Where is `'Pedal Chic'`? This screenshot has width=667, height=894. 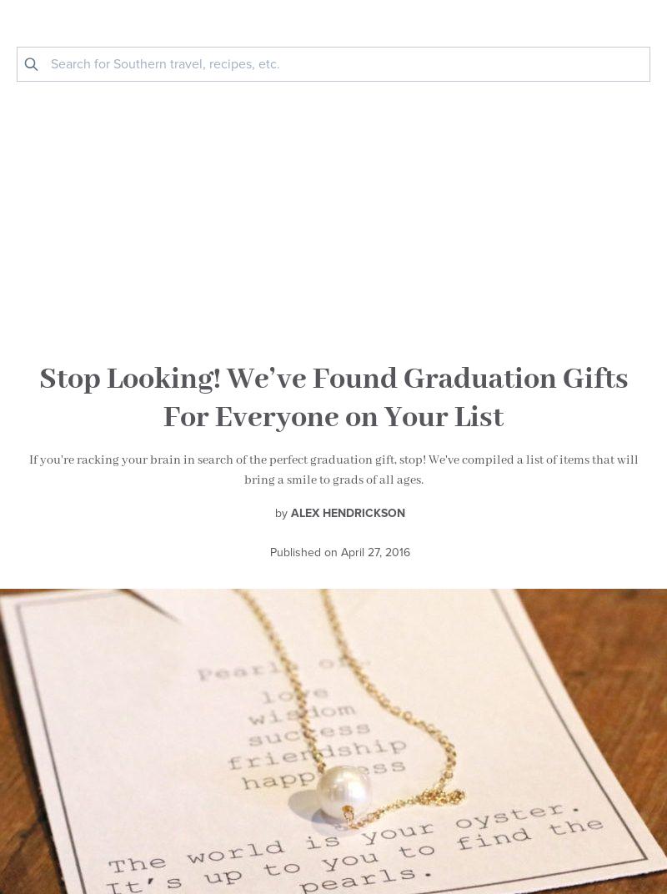 'Pedal Chic' is located at coordinates (148, 421).